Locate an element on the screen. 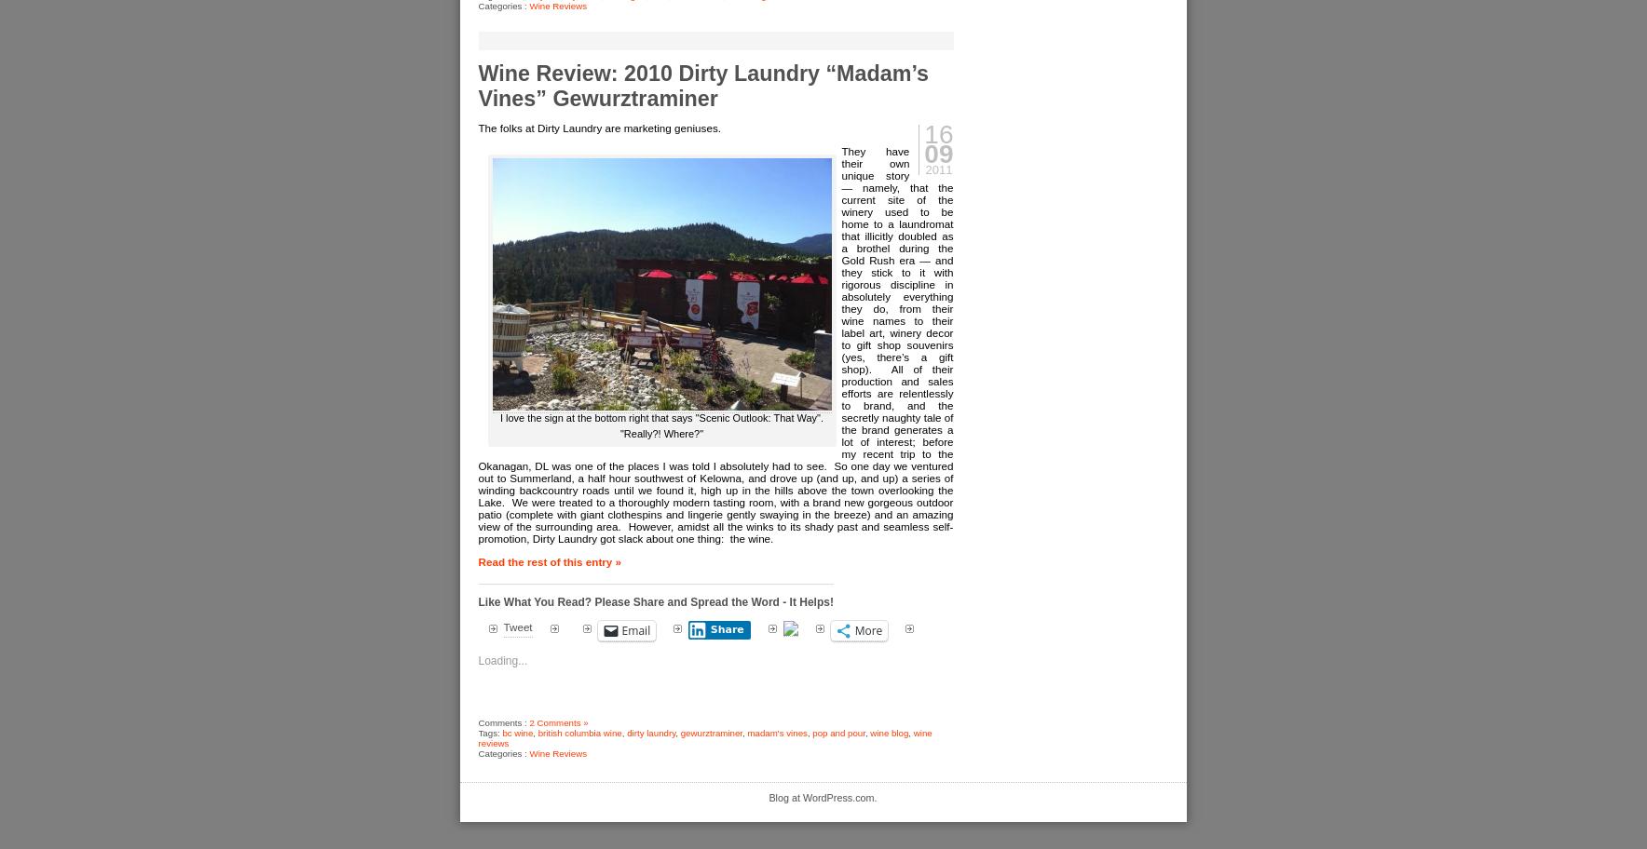 This screenshot has height=849, width=1647. 'gewurztraminer' is located at coordinates (711, 733).